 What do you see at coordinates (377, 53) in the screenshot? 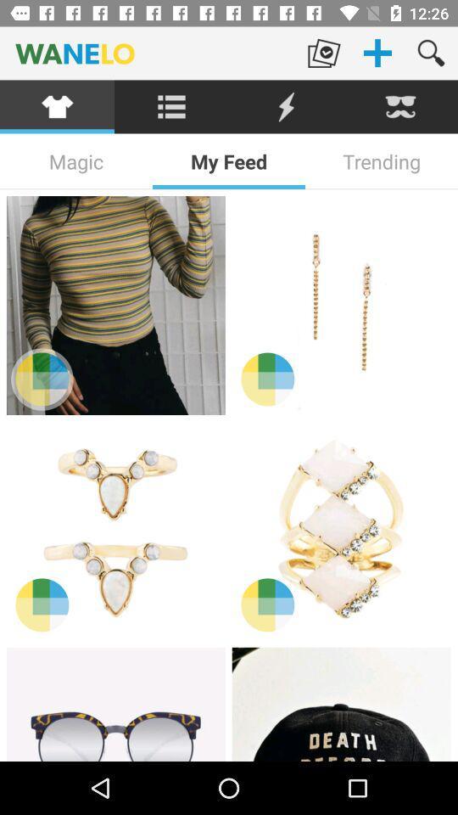
I see `the add icon` at bounding box center [377, 53].